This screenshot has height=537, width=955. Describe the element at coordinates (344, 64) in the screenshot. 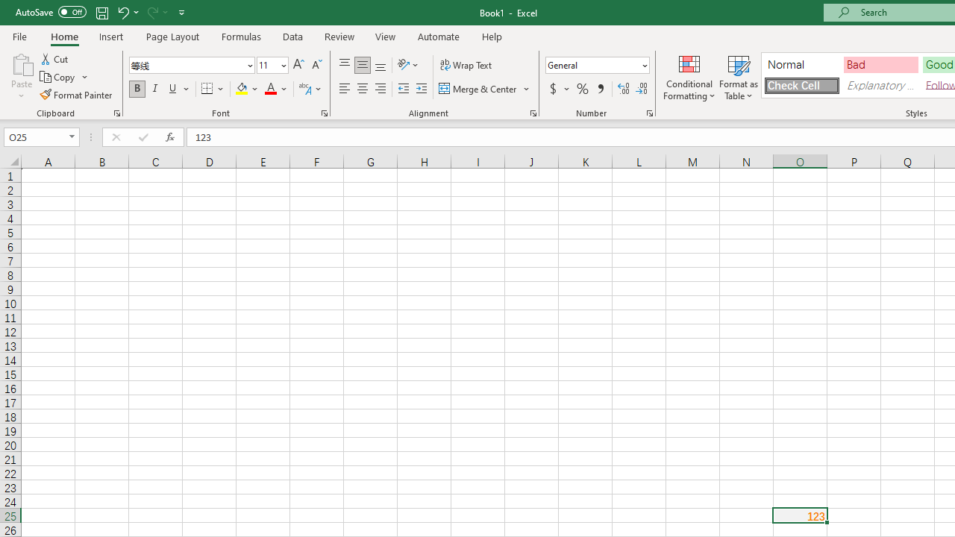

I see `'Top Align'` at that location.